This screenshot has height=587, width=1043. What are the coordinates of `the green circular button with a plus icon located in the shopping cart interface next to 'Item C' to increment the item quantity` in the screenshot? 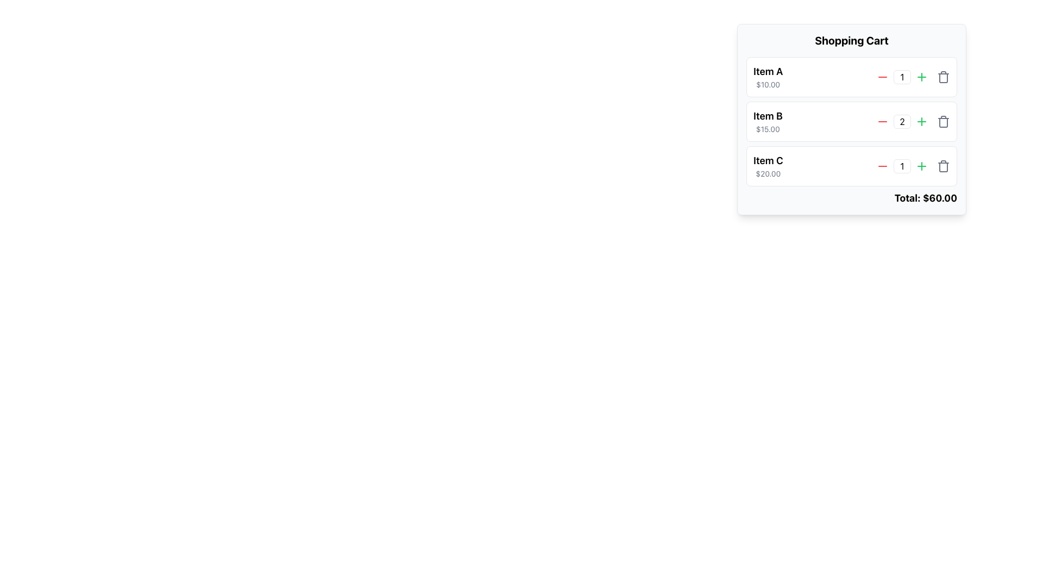 It's located at (921, 166).